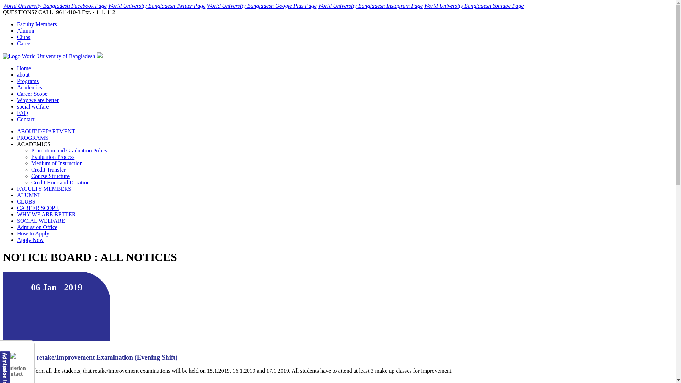 This screenshot has height=383, width=681. I want to click on 'ABOUT DEPARTMENT', so click(45, 131).